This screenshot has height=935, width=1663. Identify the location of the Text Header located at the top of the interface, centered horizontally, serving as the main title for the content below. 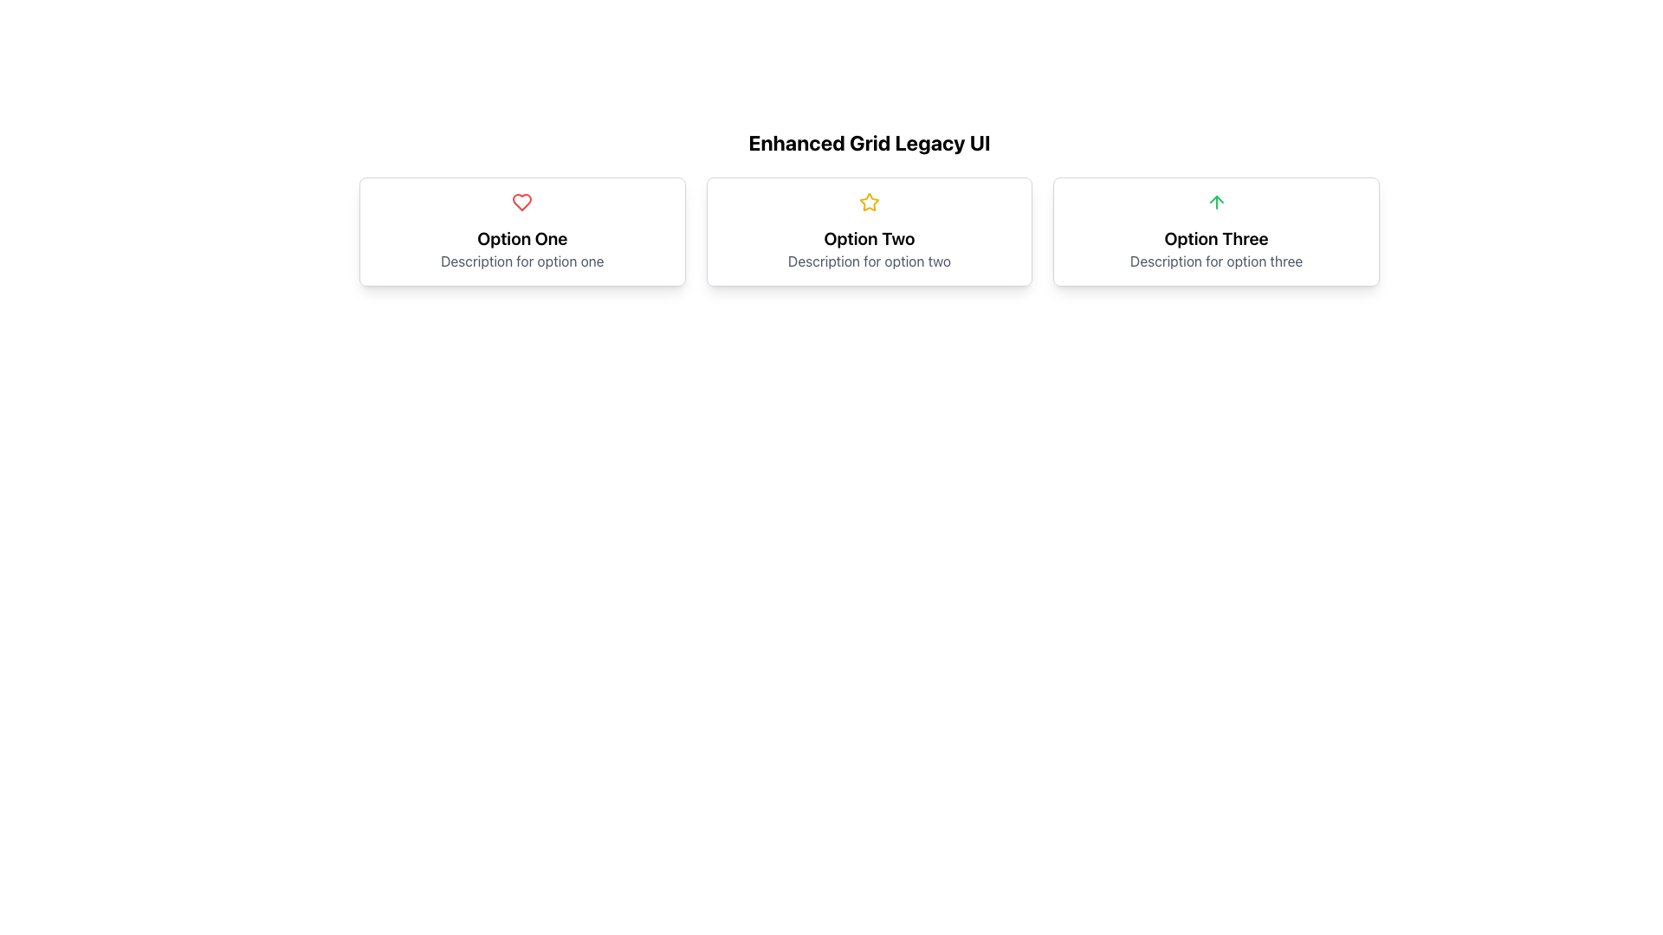
(869, 142).